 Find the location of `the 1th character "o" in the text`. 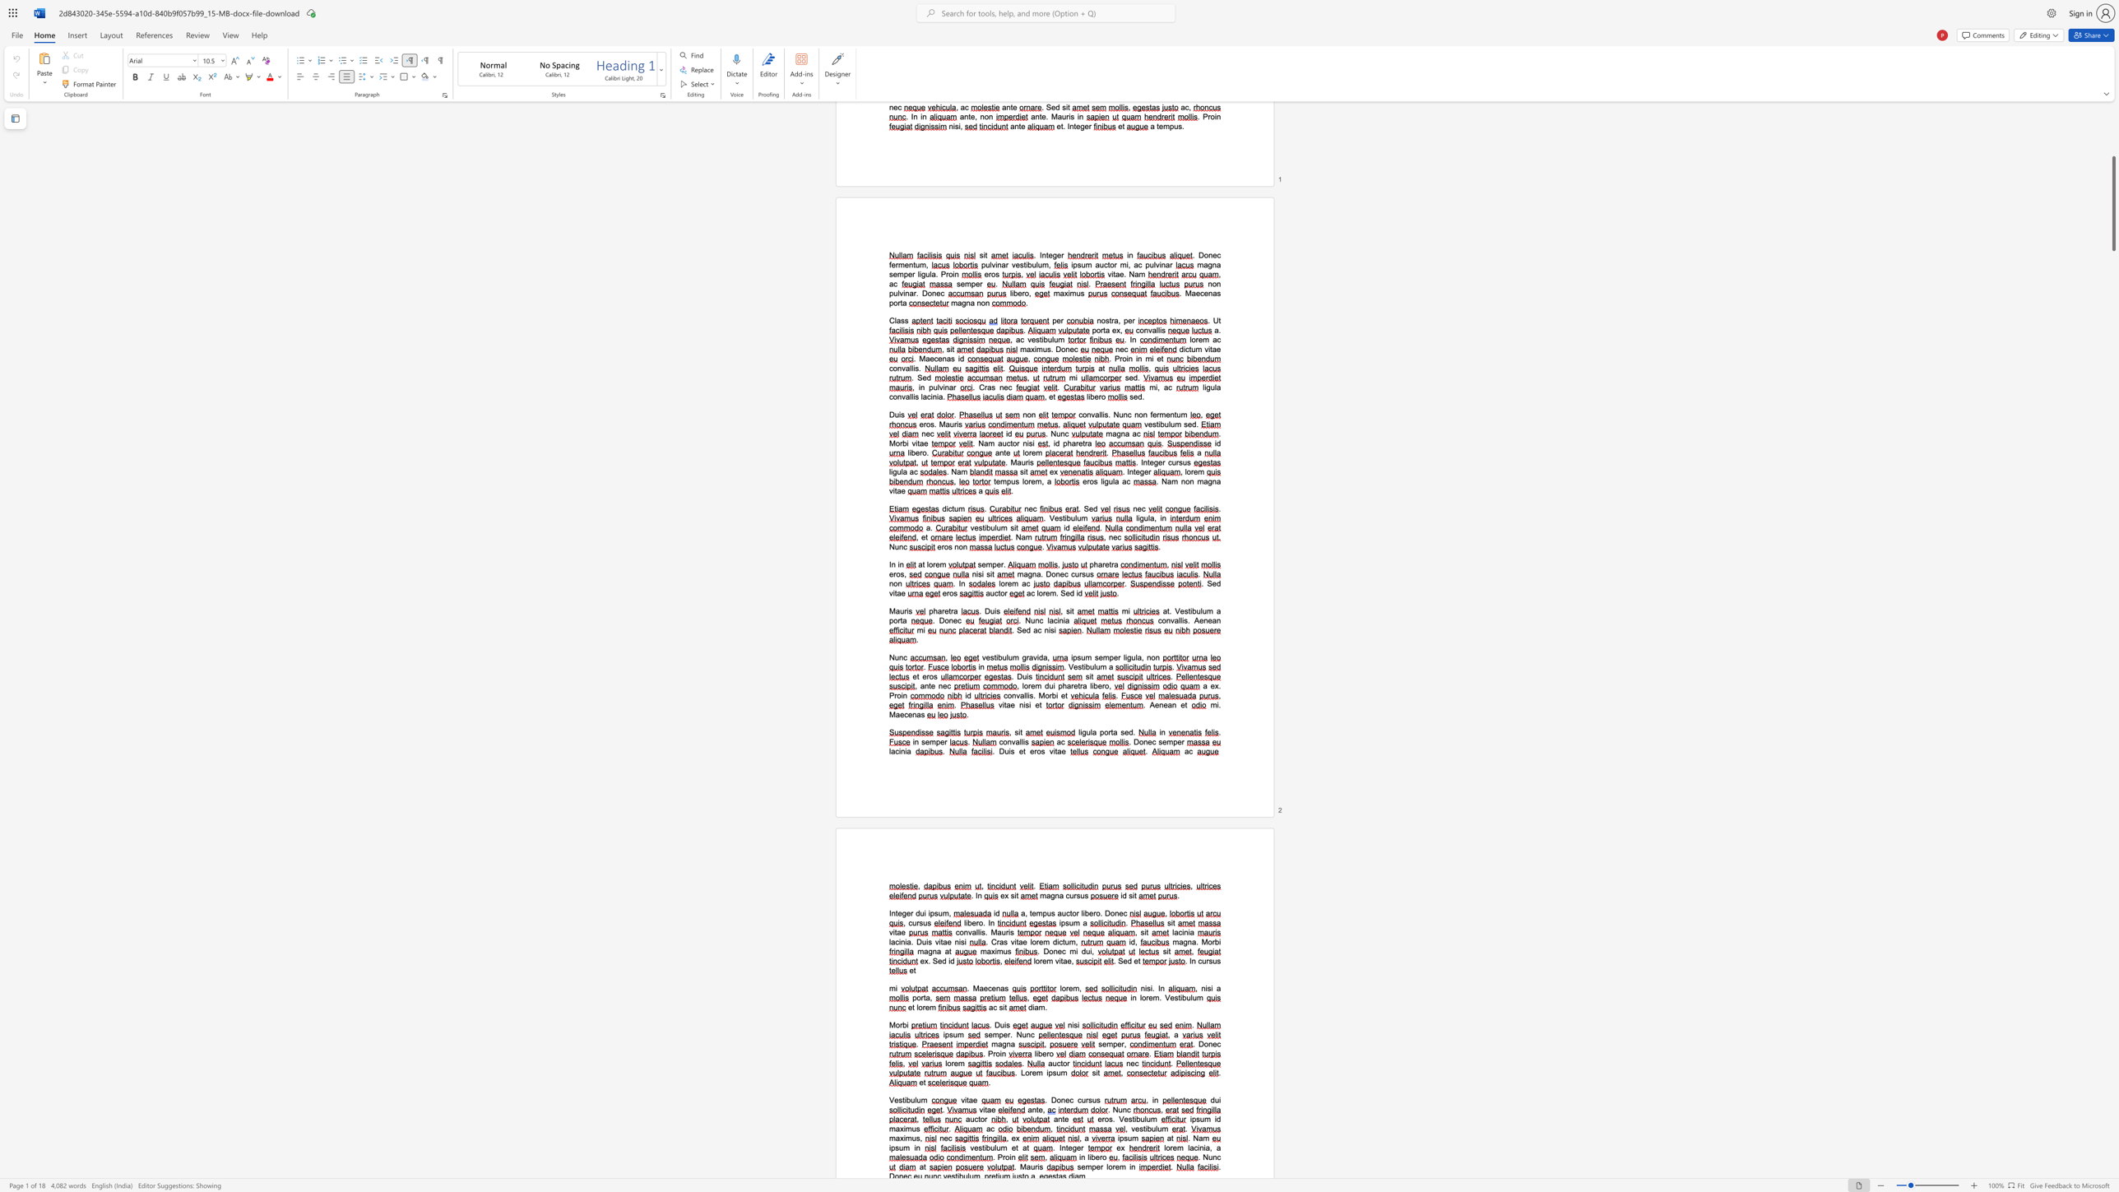

the 1th character "o" in the text is located at coordinates (920, 1006).